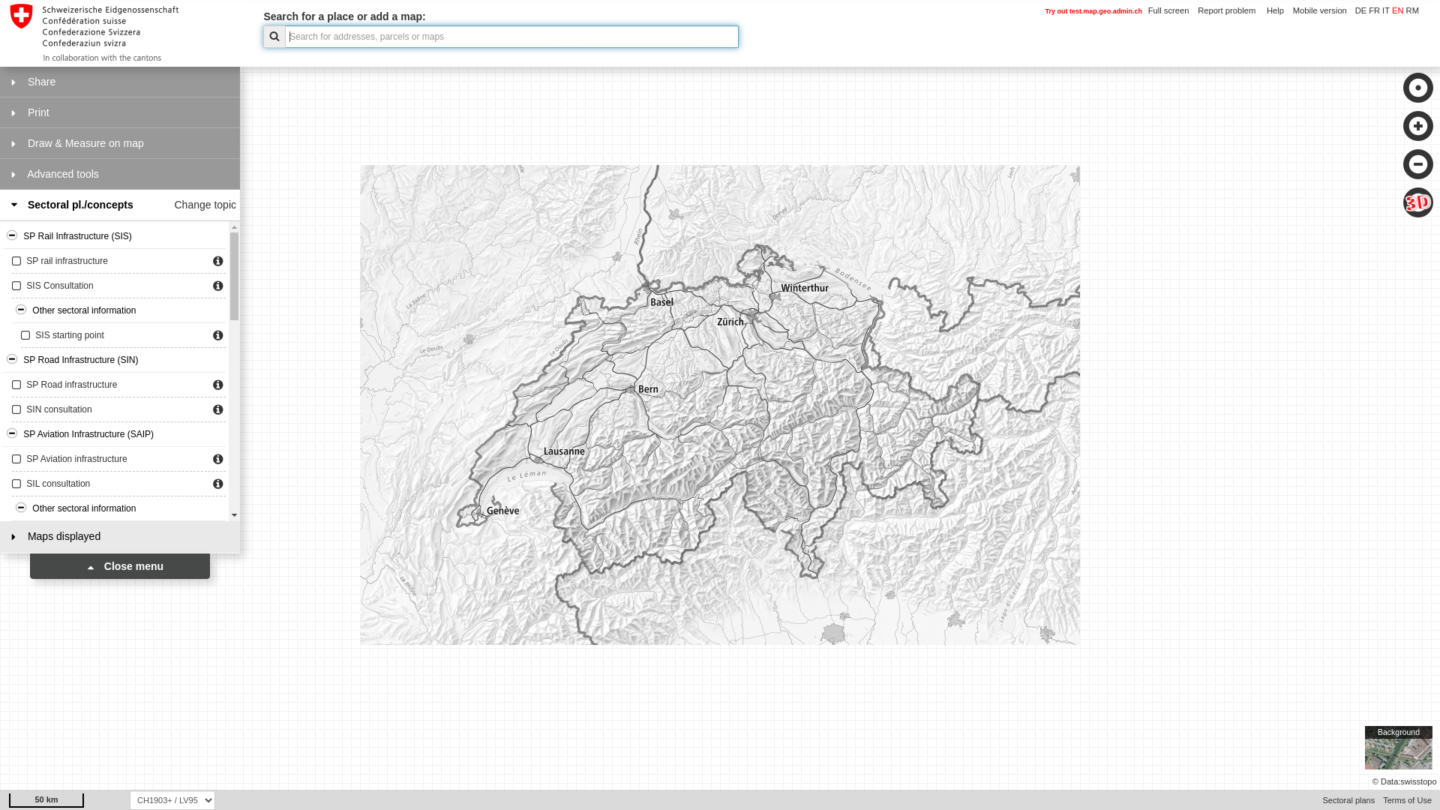 The height and width of the screenshot is (810, 1440). I want to click on 'SP Rail Infrastructure (SIS)', so click(113, 236).